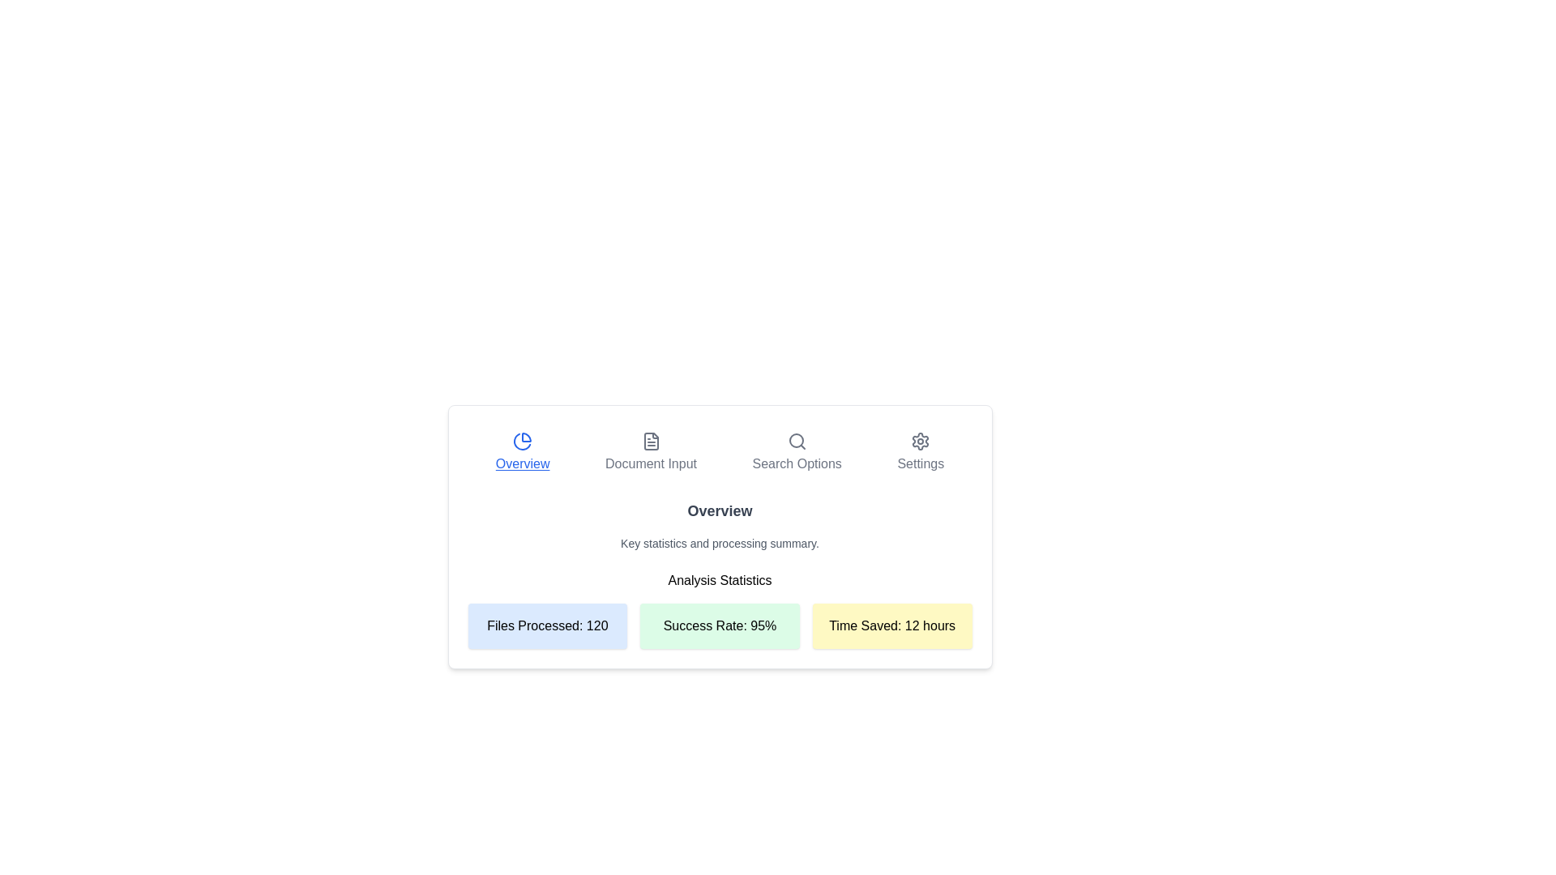 This screenshot has width=1556, height=875. What do you see at coordinates (921, 453) in the screenshot?
I see `the navigation button that opens the settings page` at bounding box center [921, 453].